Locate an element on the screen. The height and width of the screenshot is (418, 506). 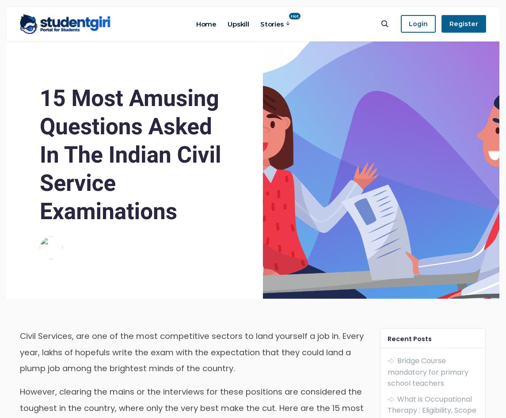
'Register' is located at coordinates (449, 23).